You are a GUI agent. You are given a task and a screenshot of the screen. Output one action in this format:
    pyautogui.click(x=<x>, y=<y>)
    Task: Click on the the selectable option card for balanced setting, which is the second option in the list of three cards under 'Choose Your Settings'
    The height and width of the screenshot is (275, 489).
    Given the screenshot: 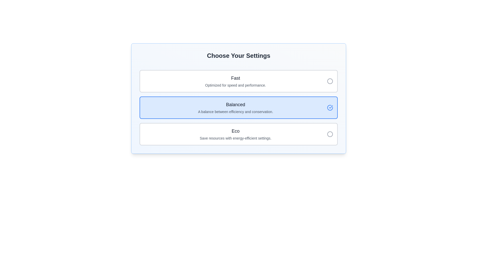 What is the action you would take?
    pyautogui.click(x=238, y=107)
    